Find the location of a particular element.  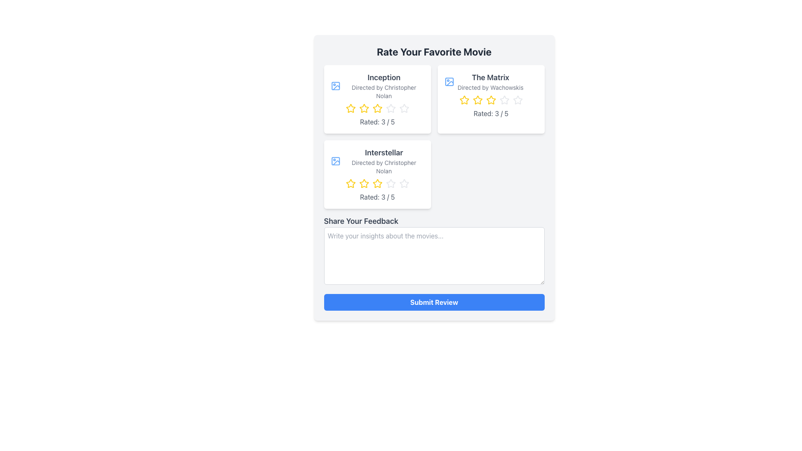

the third star icon is located at coordinates (376, 183).